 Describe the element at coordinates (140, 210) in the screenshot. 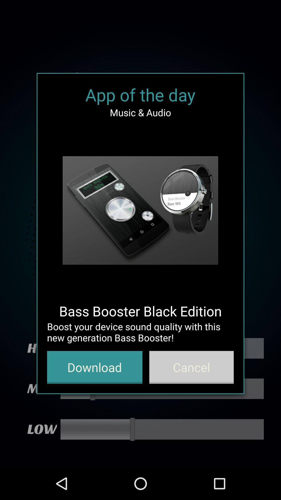

I see `the item above bass booster black item` at that location.